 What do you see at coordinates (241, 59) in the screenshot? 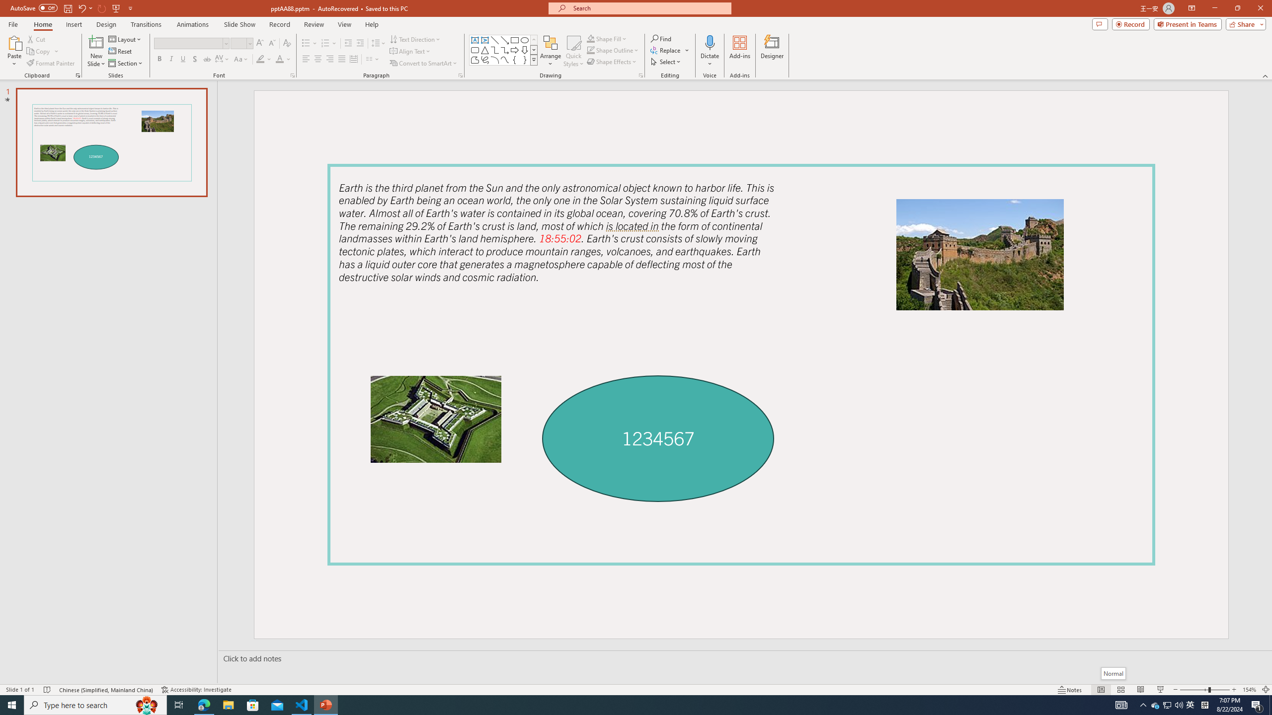
I see `'Change Case'` at bounding box center [241, 59].